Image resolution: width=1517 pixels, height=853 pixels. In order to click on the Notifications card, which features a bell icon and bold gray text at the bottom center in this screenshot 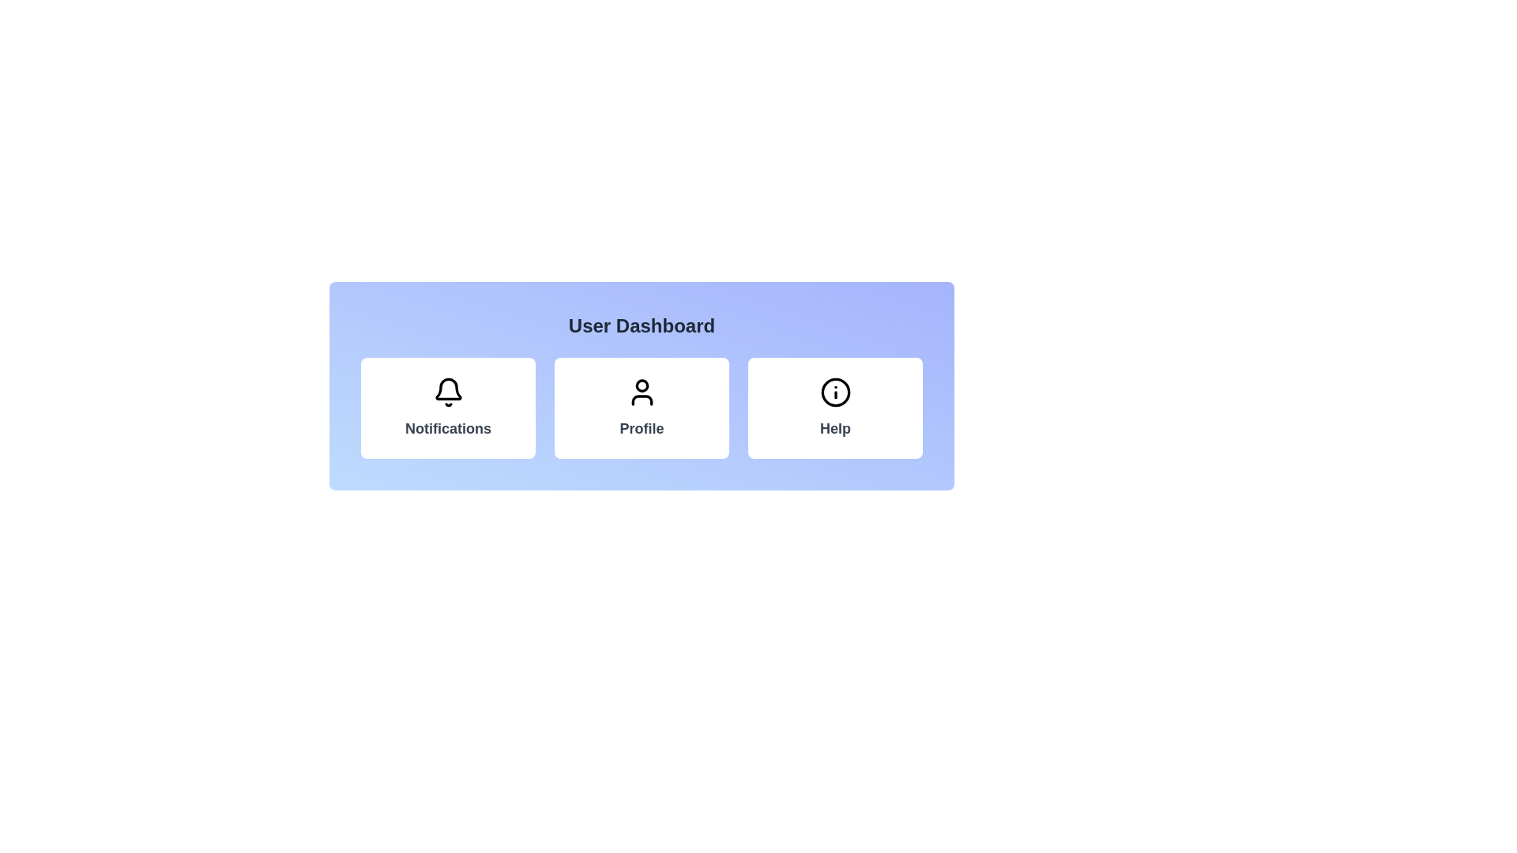, I will do `click(447, 407)`.